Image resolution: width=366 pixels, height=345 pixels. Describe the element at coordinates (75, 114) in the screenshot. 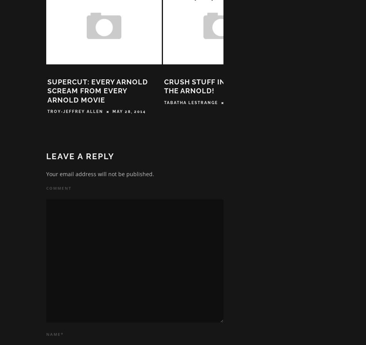

I see `'Troy-Jeffrey Allen'` at that location.